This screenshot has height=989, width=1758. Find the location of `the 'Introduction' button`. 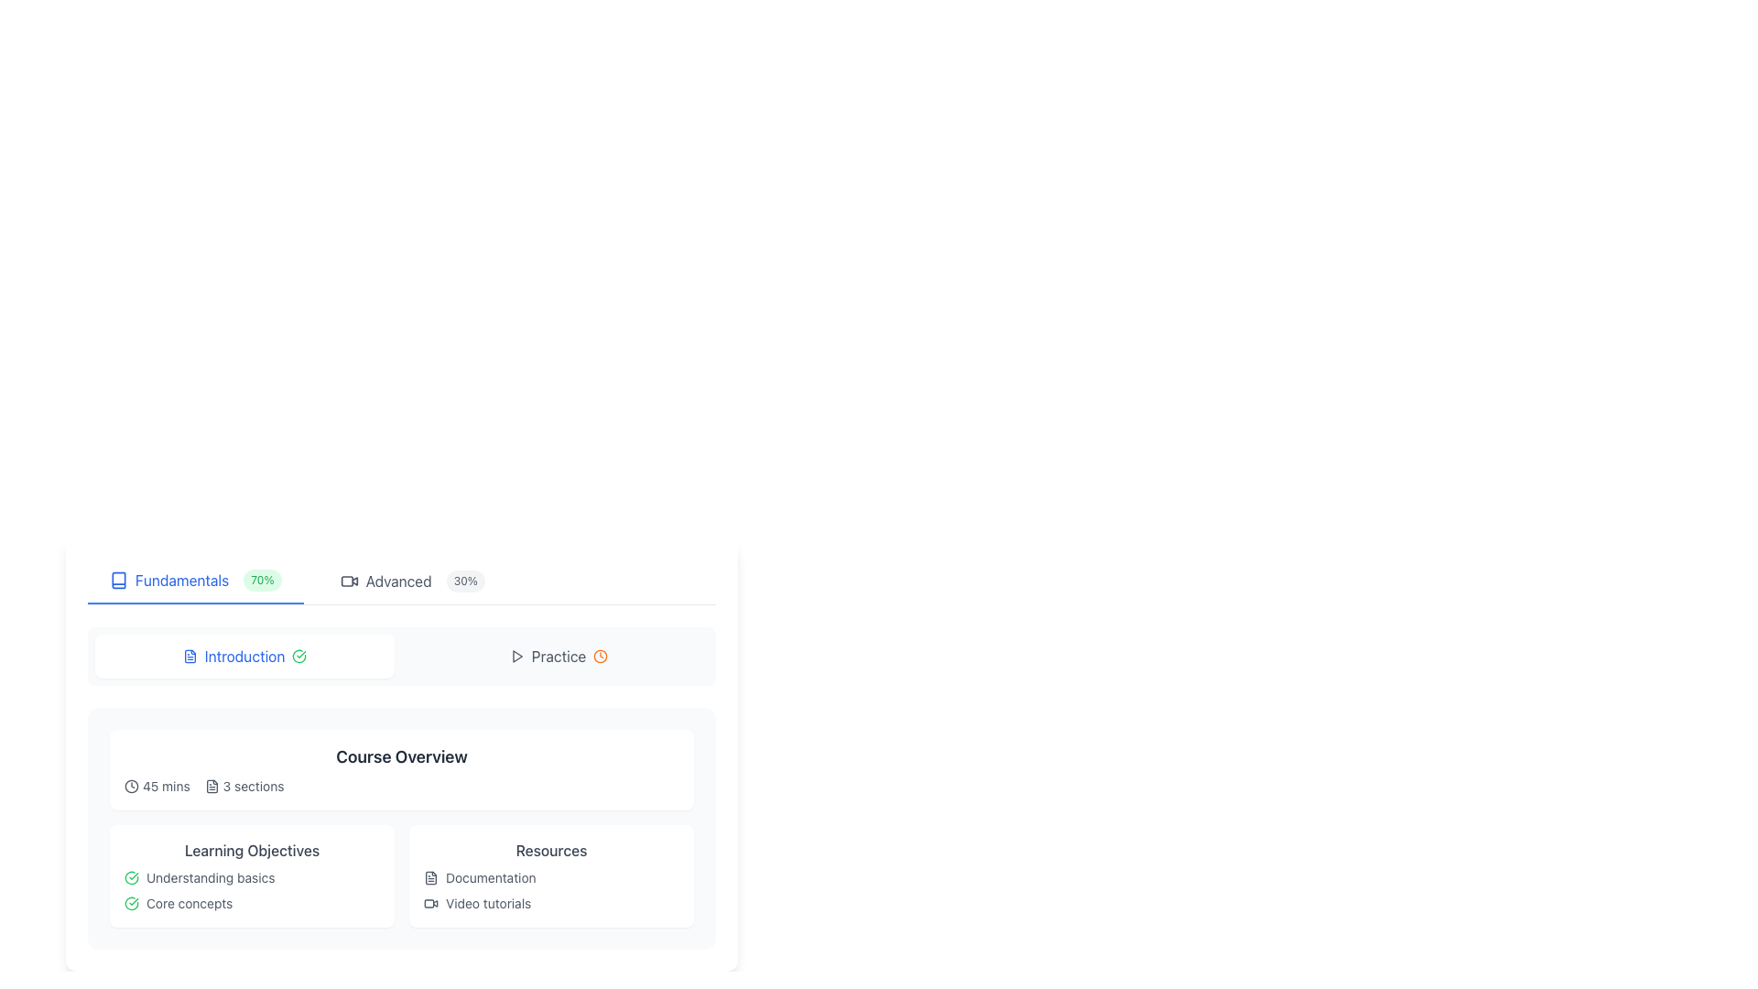

the 'Introduction' button is located at coordinates (400, 656).